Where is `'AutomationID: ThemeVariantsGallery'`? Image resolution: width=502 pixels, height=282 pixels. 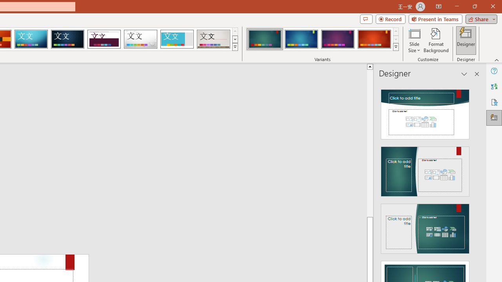
'AutomationID: ThemeVariantsGallery' is located at coordinates (323, 39).